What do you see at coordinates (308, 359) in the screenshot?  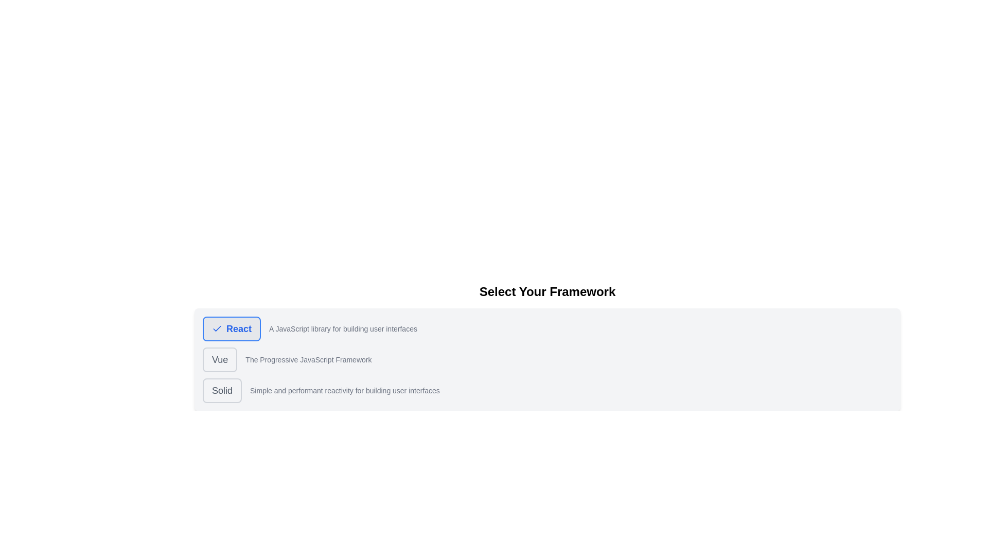 I see `text label displaying 'The Progressive JavaScript Framework', which is styled in a small gray font and is located near the 'Vue' button` at bounding box center [308, 359].